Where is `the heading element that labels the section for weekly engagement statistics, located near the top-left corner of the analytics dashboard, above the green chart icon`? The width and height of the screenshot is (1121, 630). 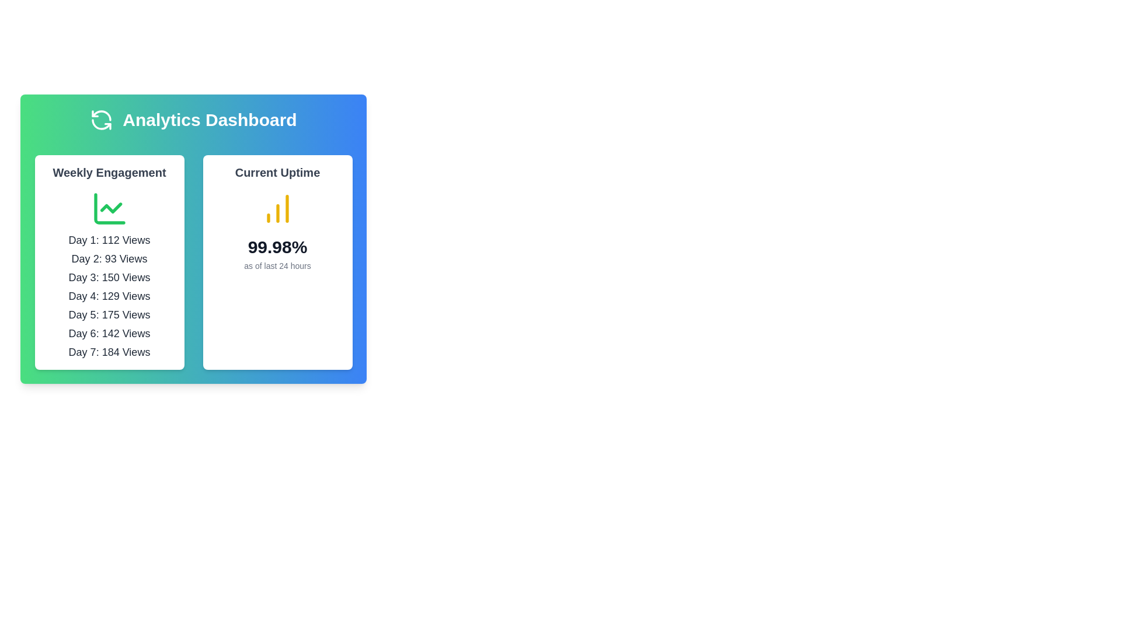
the heading element that labels the section for weekly engagement statistics, located near the top-left corner of the analytics dashboard, above the green chart icon is located at coordinates (109, 173).